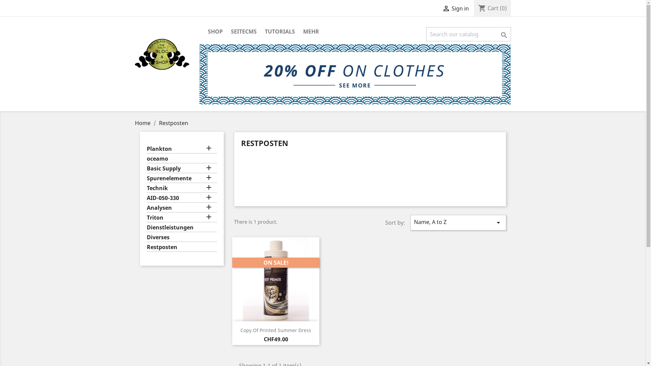  Describe the element at coordinates (182, 198) in the screenshot. I see `'AID-050-330'` at that location.